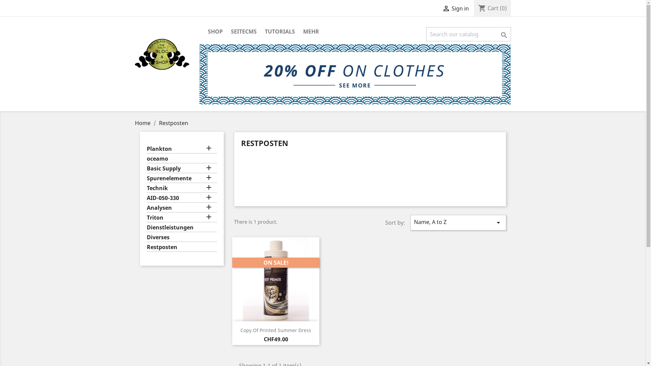  Describe the element at coordinates (182, 198) in the screenshot. I see `'AID-050-330'` at that location.